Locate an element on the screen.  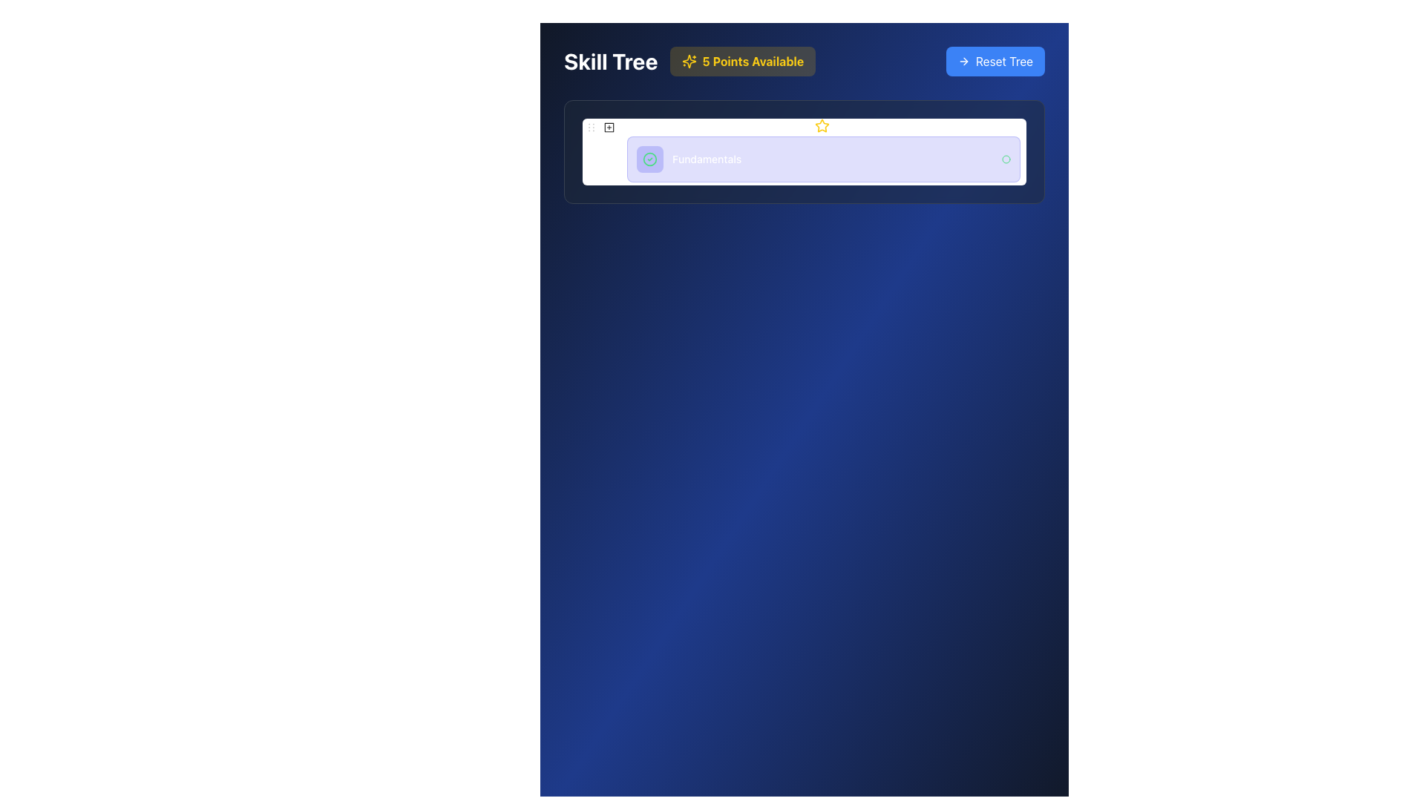
the Visual Icon Indicator, which is a small rounded rectangle with a soft indigo background and a green circular checkmark icon, located to the left of the text 'Fundamentals' is located at coordinates (649, 159).